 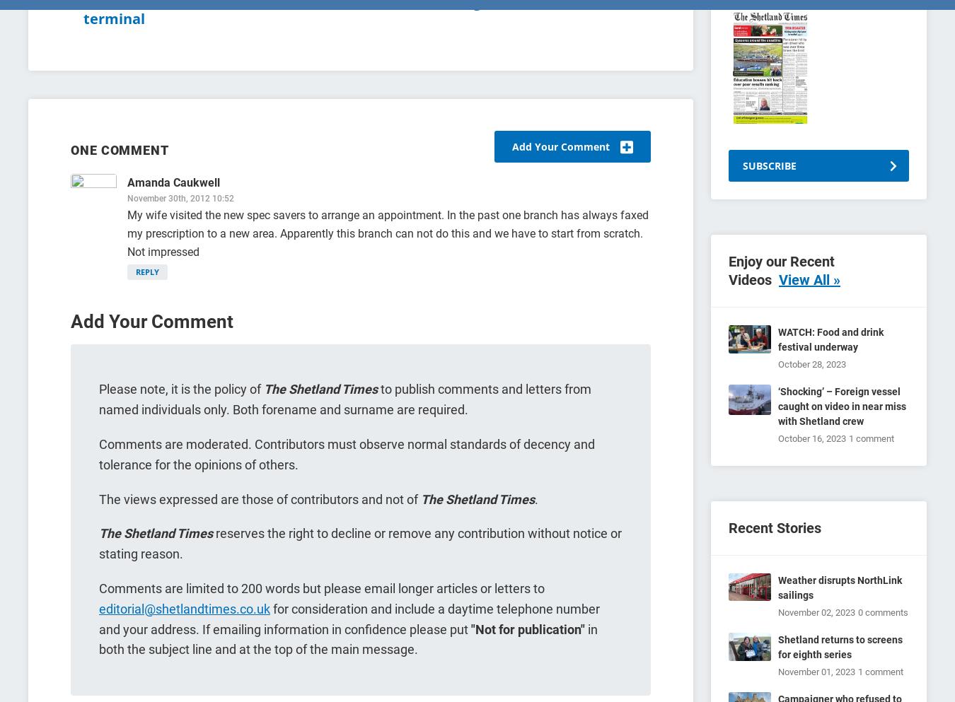 What do you see at coordinates (127, 232) in the screenshot?
I see `'My wife visited the new spec savers to arrange an appointment.  In the past one branch has always faxed my prescription to a new area. Apparently this branch can not do this and we have to start from scratch.  Not impressed'` at bounding box center [127, 232].